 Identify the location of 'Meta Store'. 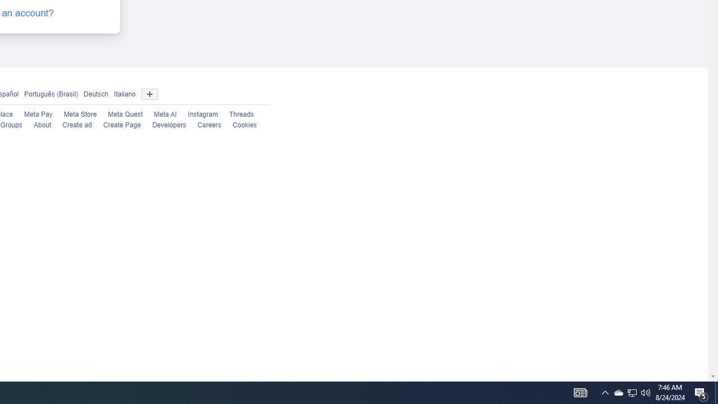
(79, 114).